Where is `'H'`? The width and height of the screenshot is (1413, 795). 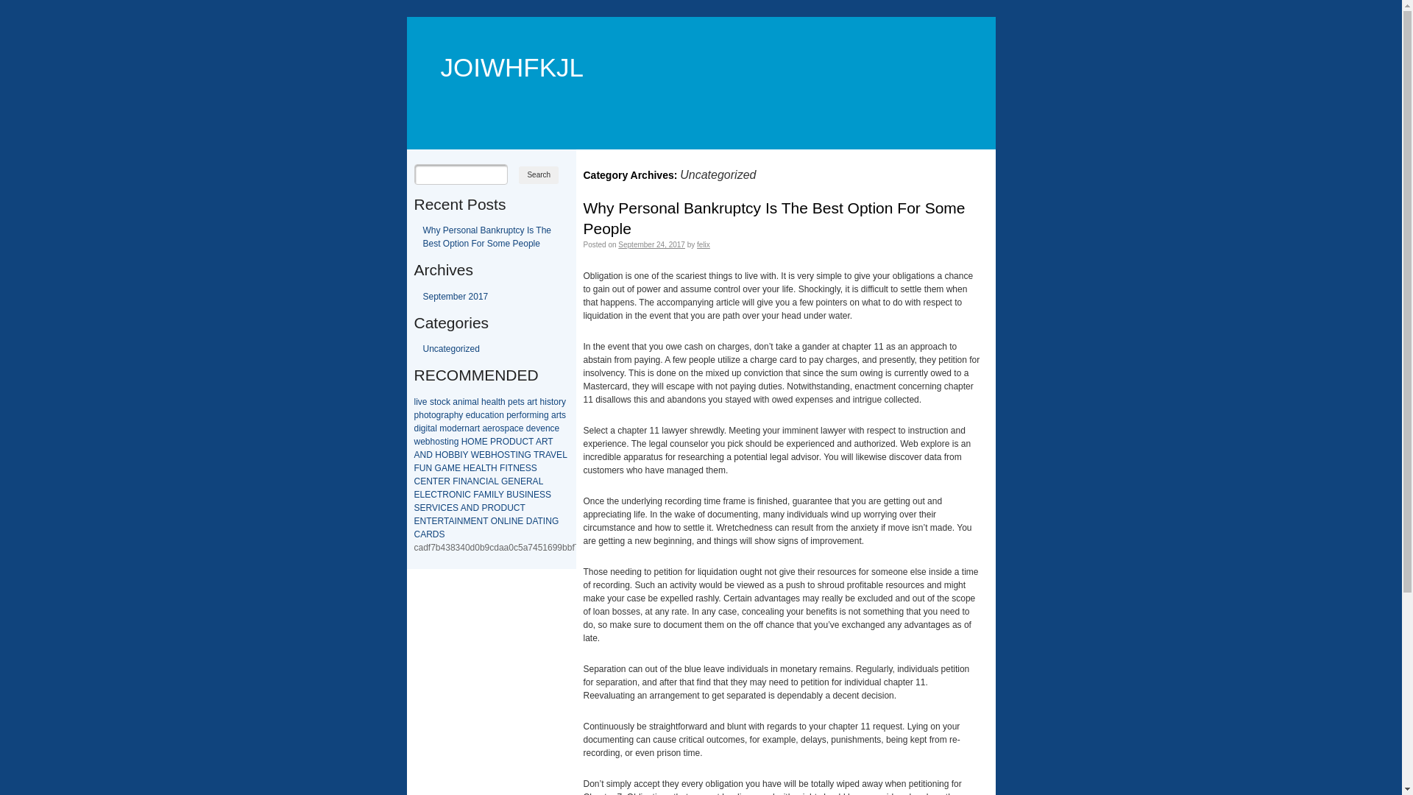
'H' is located at coordinates (491, 468).